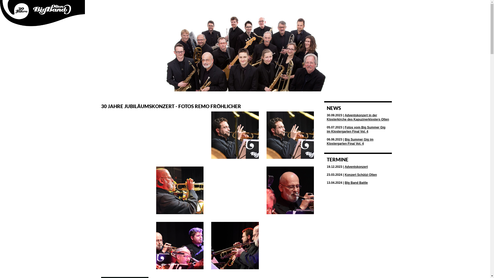 This screenshot has width=494, height=278. Describe the element at coordinates (356, 167) in the screenshot. I see `'Adventskonzert'` at that location.